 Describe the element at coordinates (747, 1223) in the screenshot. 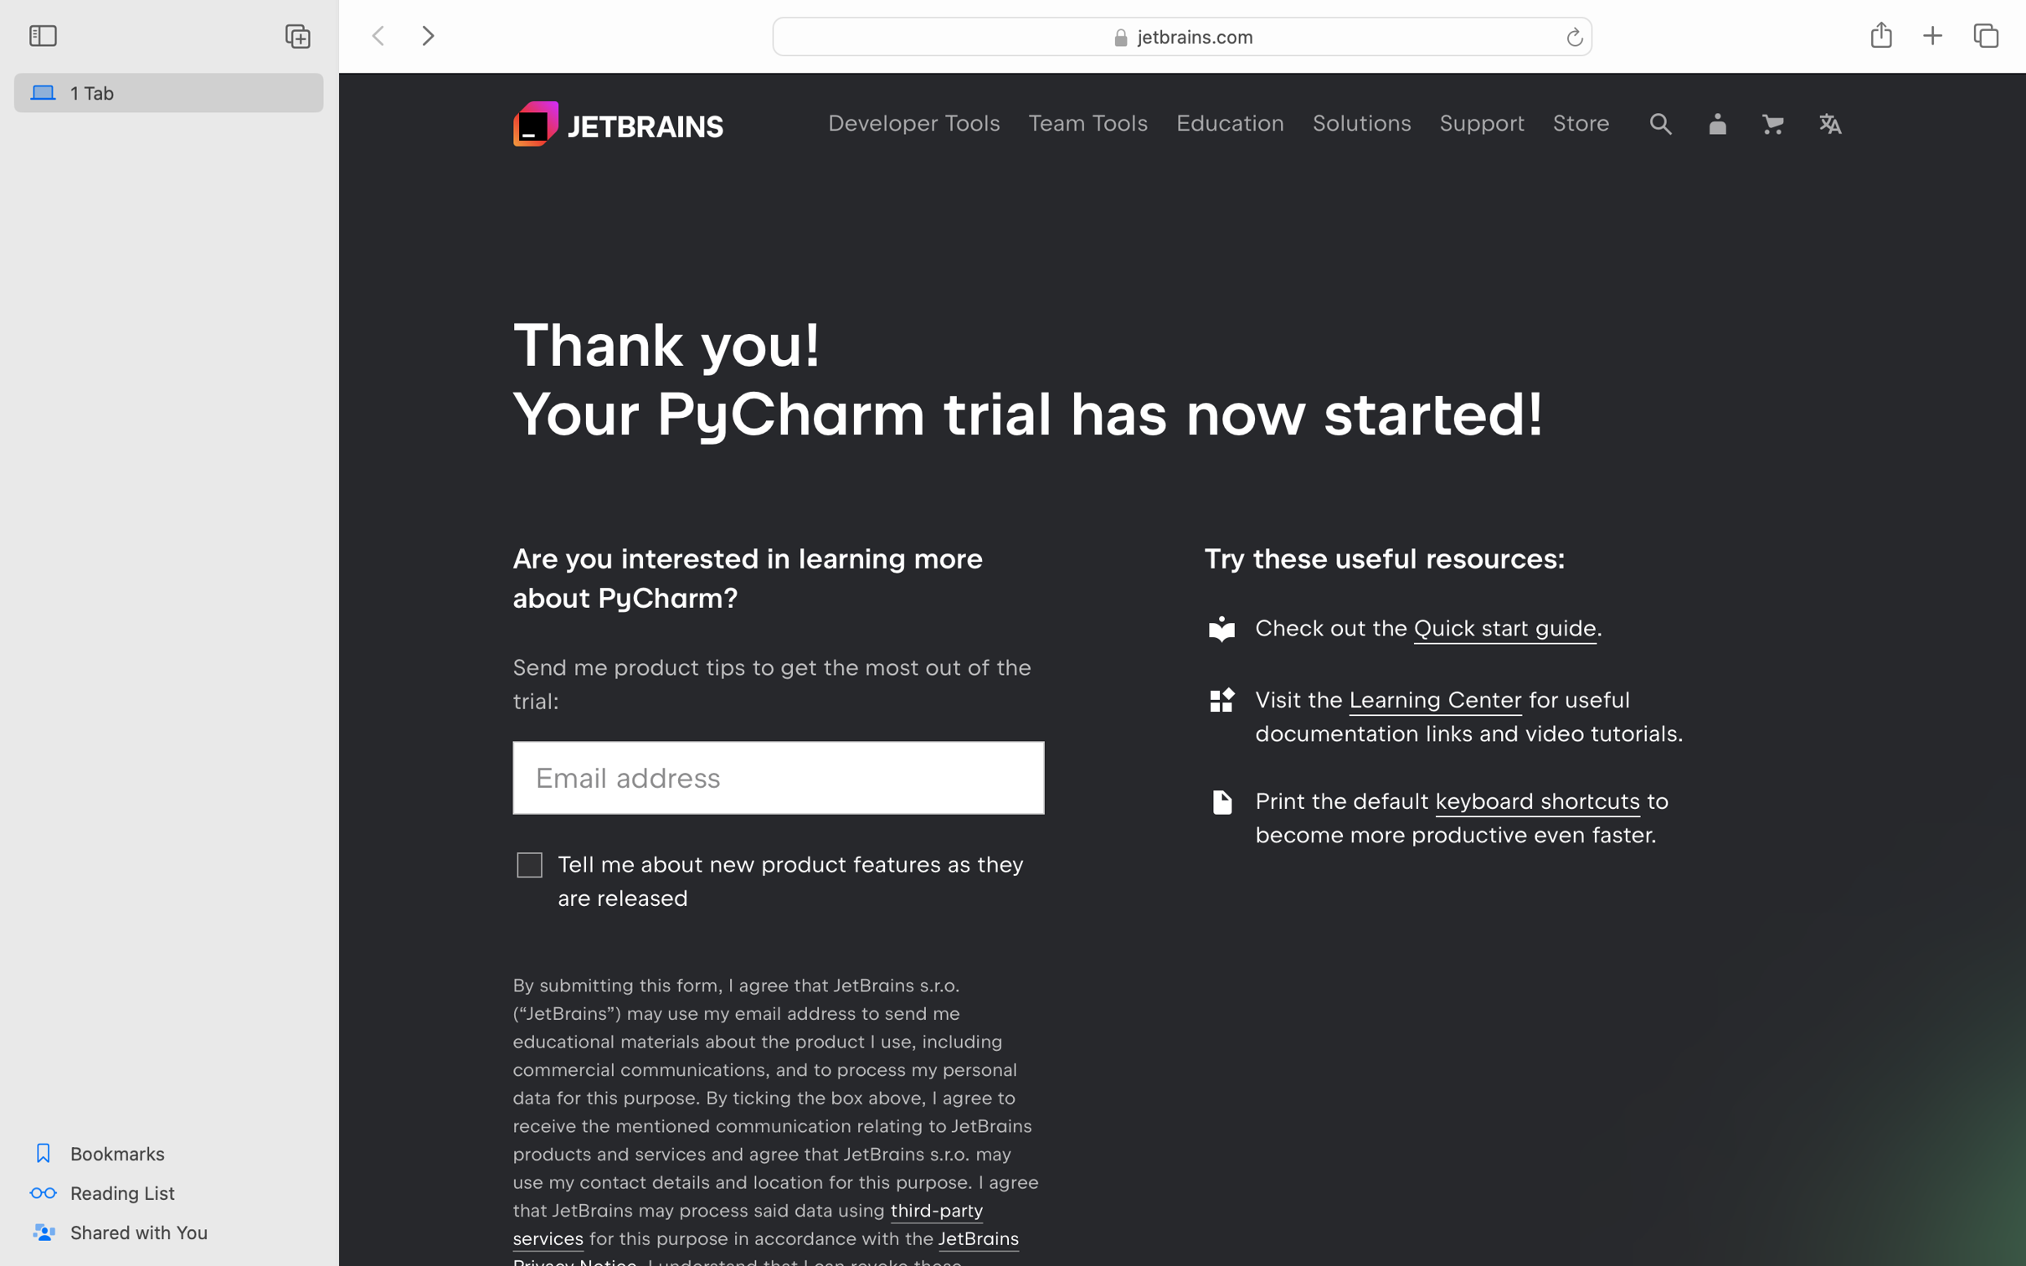

I see `'third-party services'` at that location.